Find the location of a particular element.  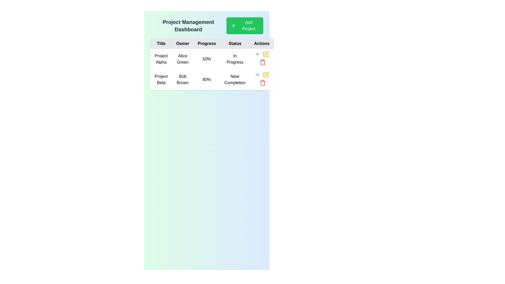

the 'Owner' column header label in the table, which is positioned horizontally between the 'Title' and 'Progress' headers is located at coordinates (183, 43).